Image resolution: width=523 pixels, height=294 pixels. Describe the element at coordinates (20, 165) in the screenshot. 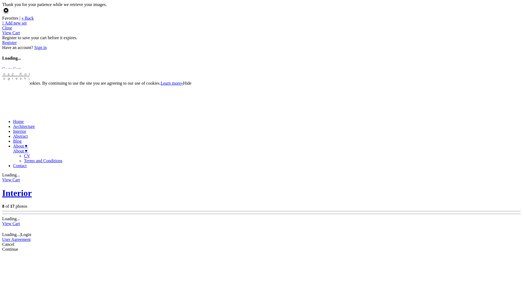

I see `'Contact'` at that location.